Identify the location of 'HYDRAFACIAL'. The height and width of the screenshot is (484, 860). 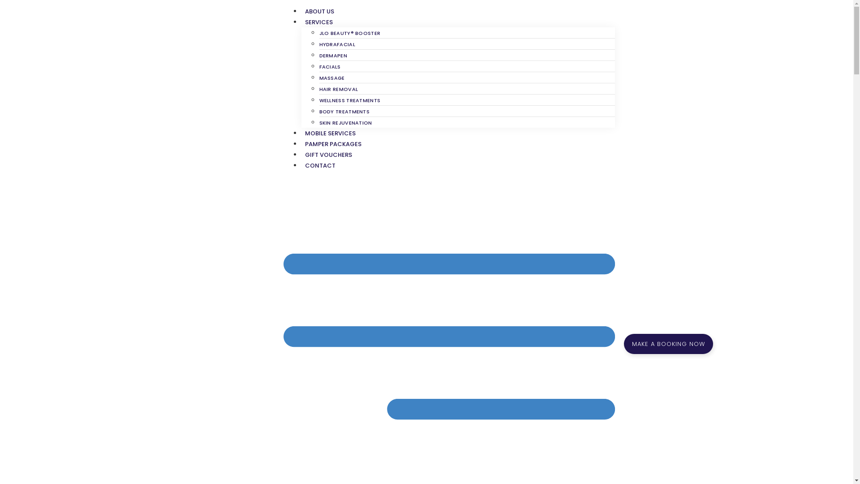
(336, 44).